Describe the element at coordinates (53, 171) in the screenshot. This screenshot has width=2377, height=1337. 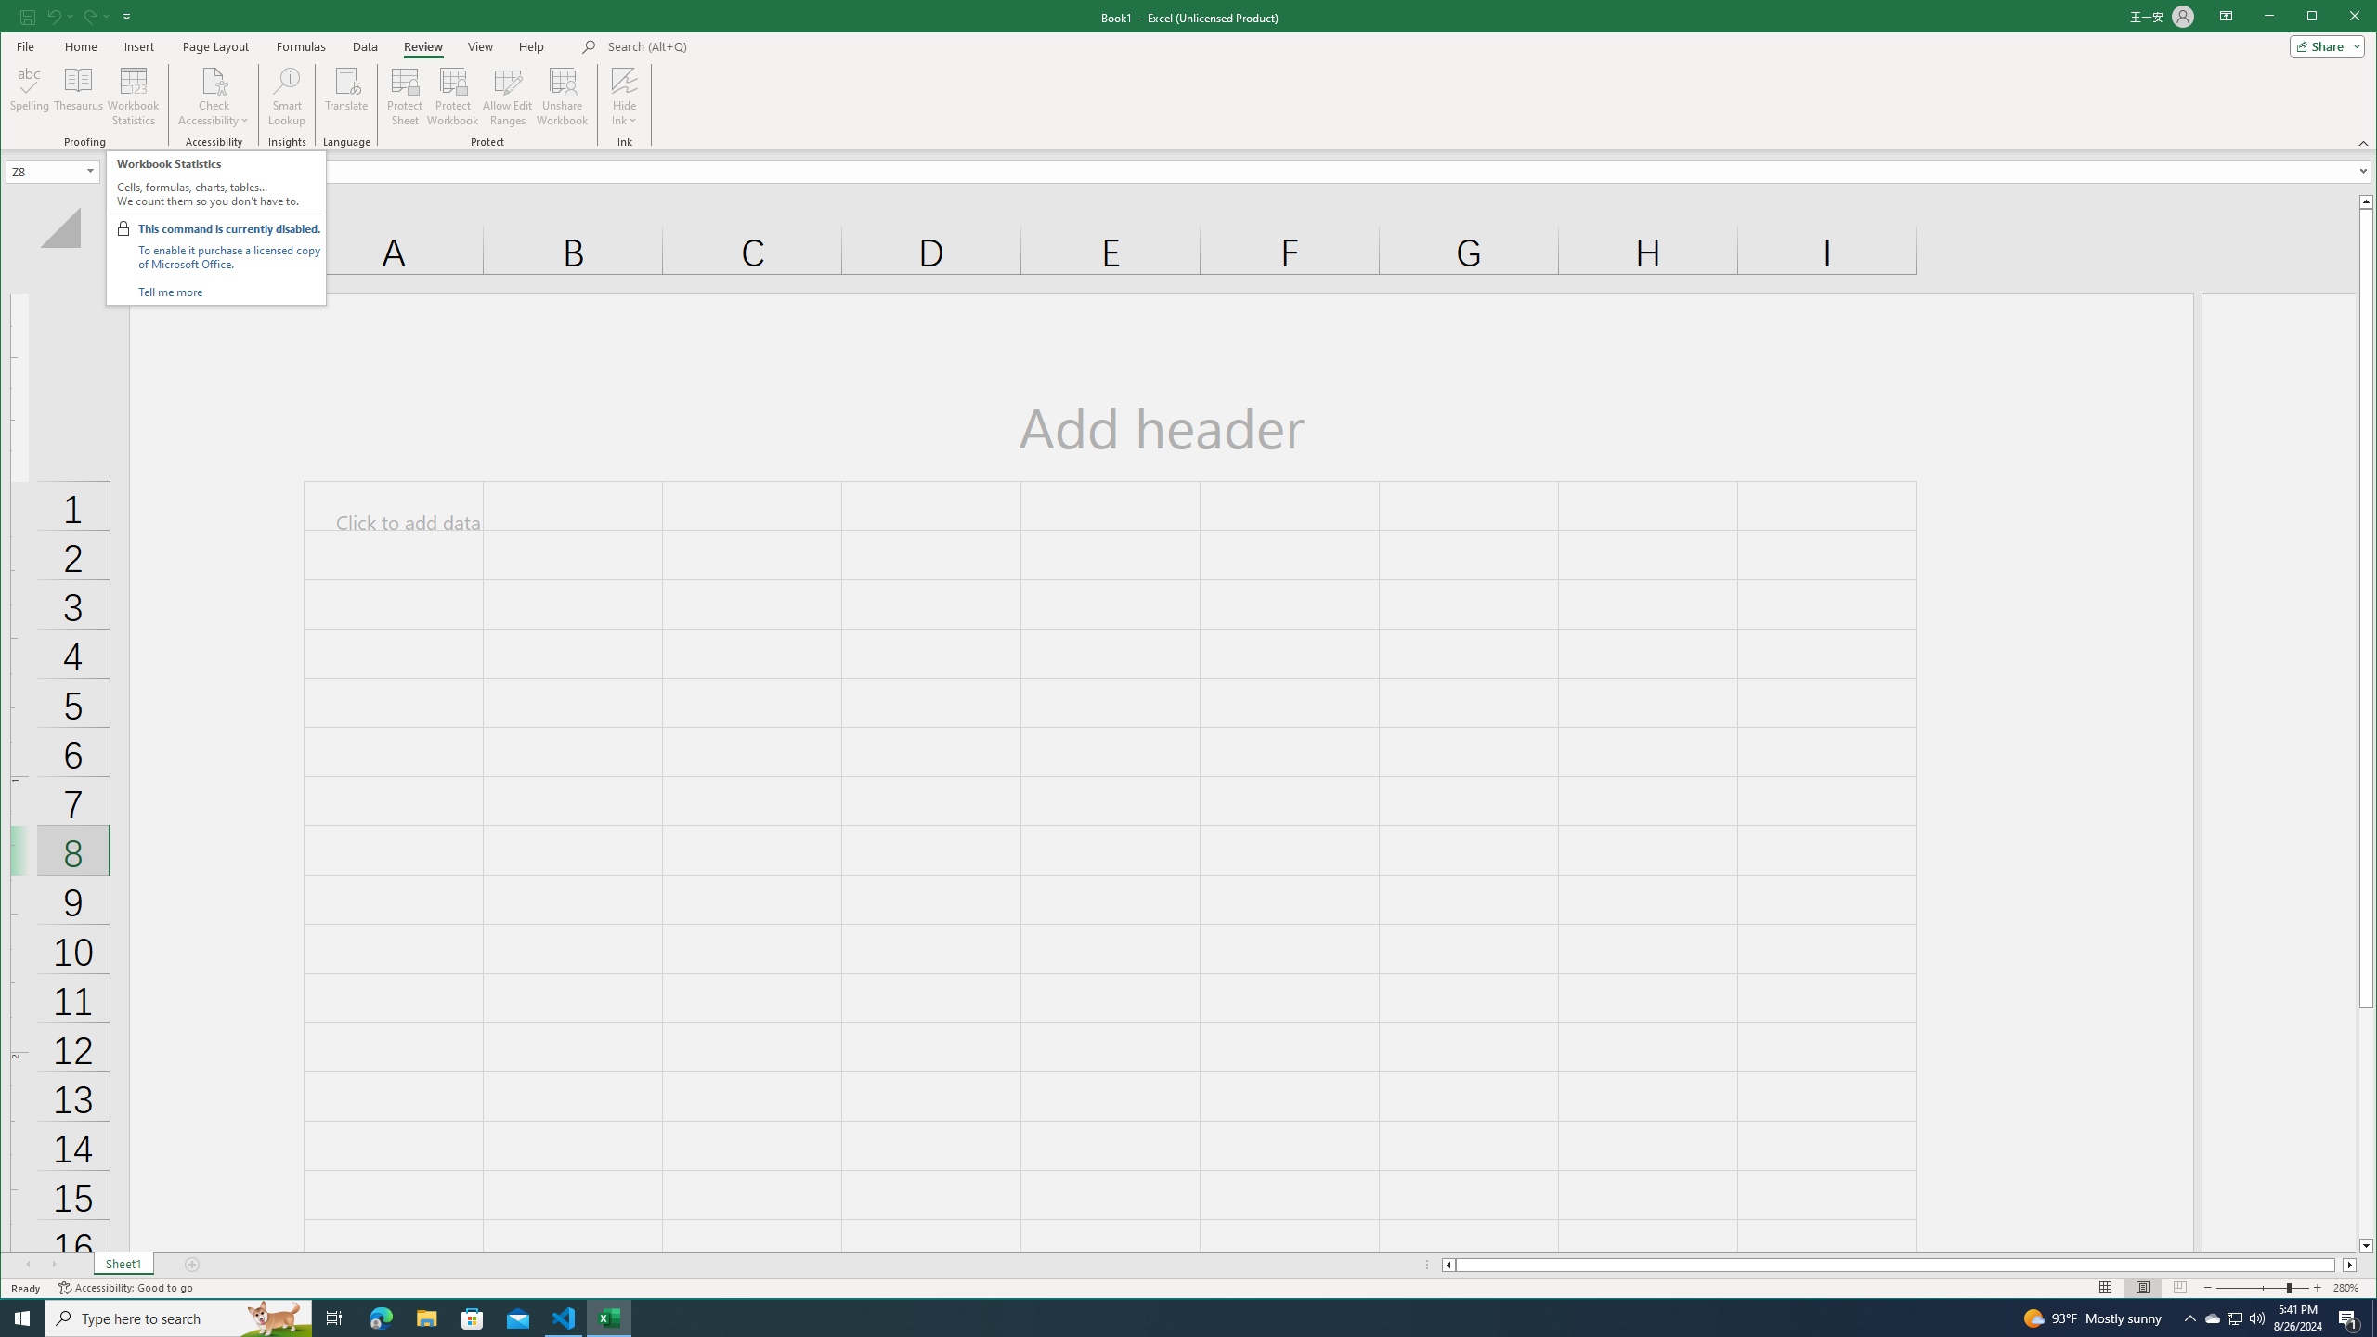
I see `'Name Box'` at that location.